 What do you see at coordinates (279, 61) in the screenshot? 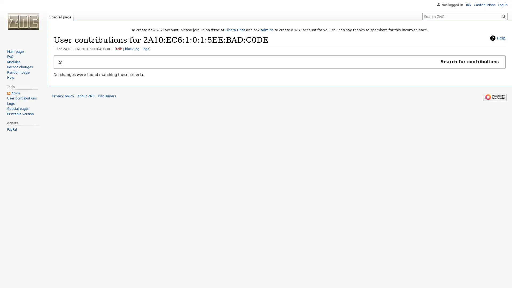
I see `Search for contributions Expand` at bounding box center [279, 61].